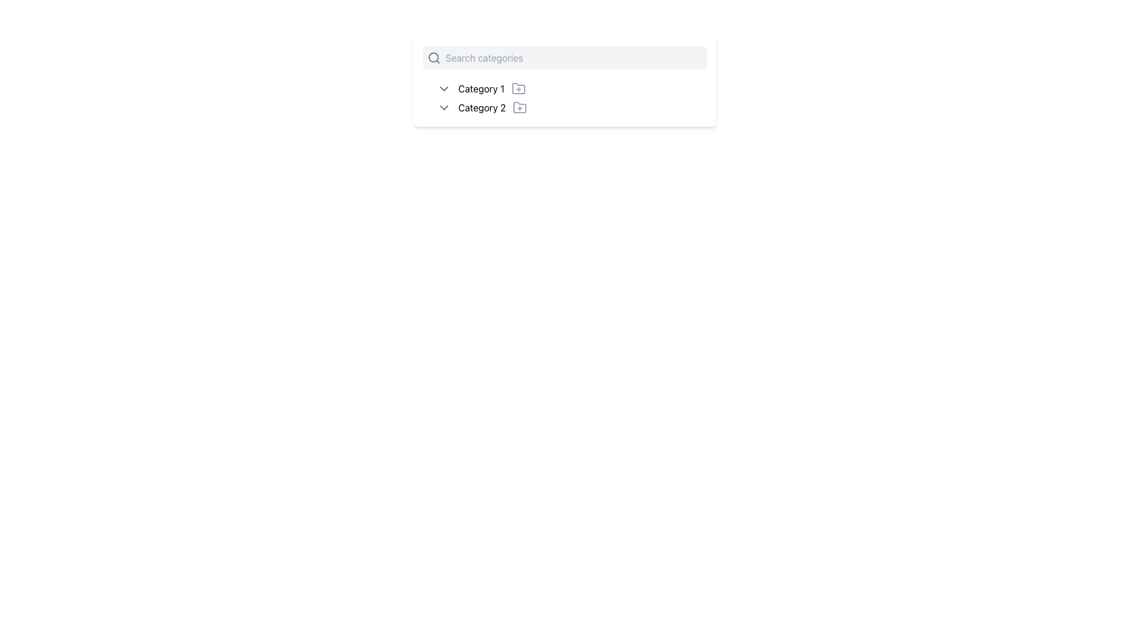 Image resolution: width=1137 pixels, height=640 pixels. I want to click on the icon located to the immediate right of the text 'Category 1', so click(518, 88).